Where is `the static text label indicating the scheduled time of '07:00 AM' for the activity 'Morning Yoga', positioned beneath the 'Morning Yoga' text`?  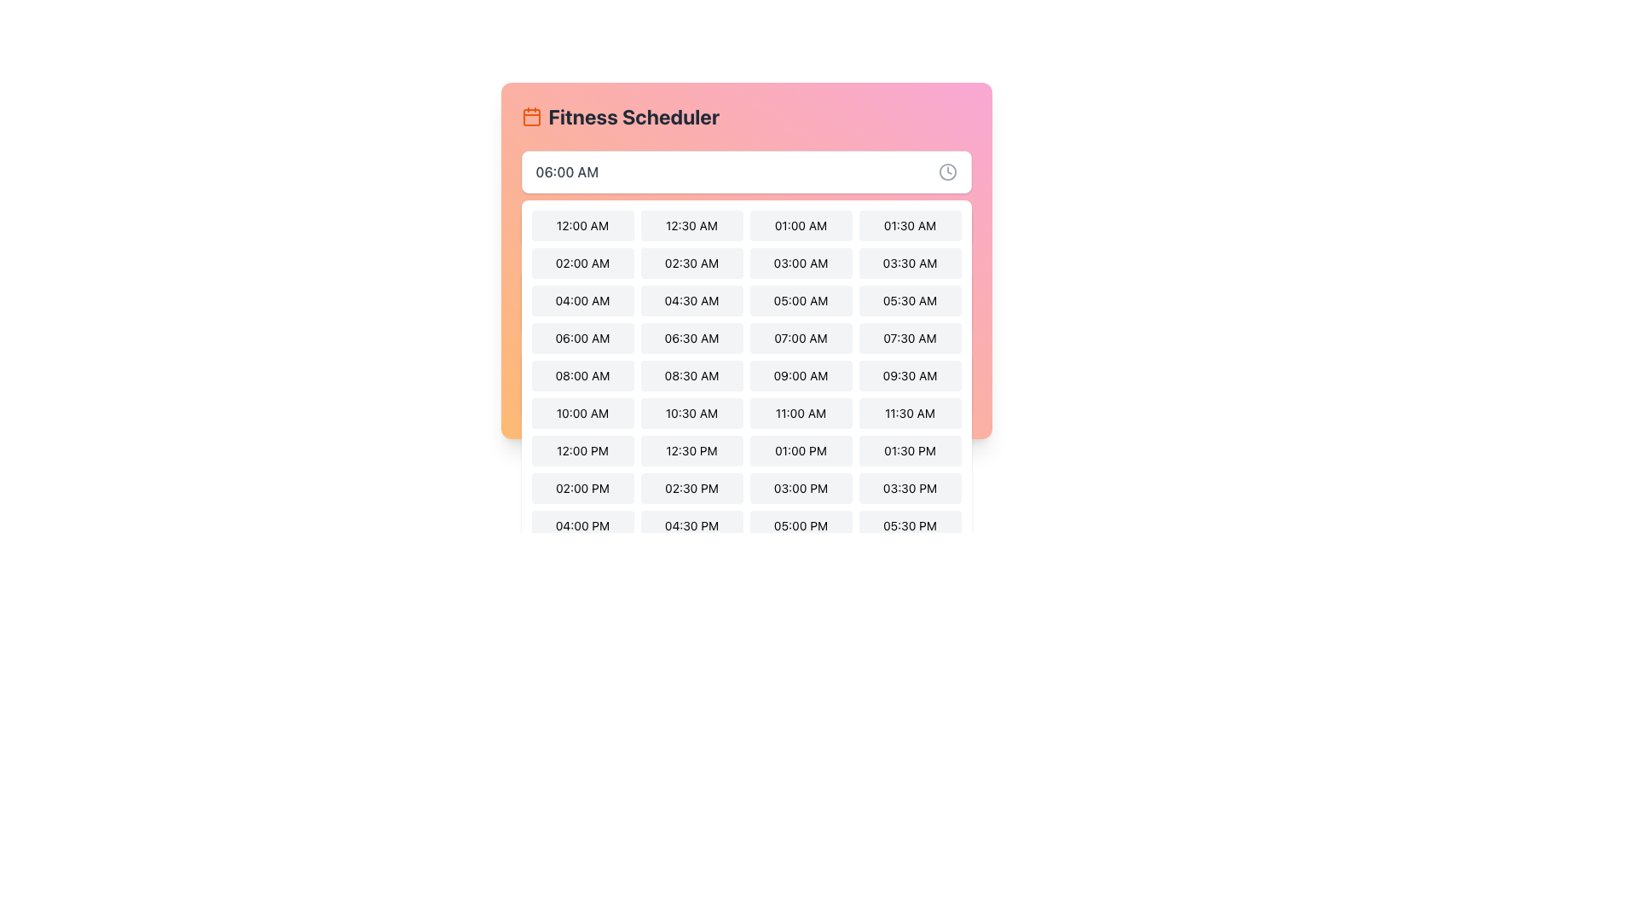 the static text label indicating the scheduled time of '07:00 AM' for the activity 'Morning Yoga', positioned beneath the 'Morning Yoga' text is located at coordinates (578, 313).